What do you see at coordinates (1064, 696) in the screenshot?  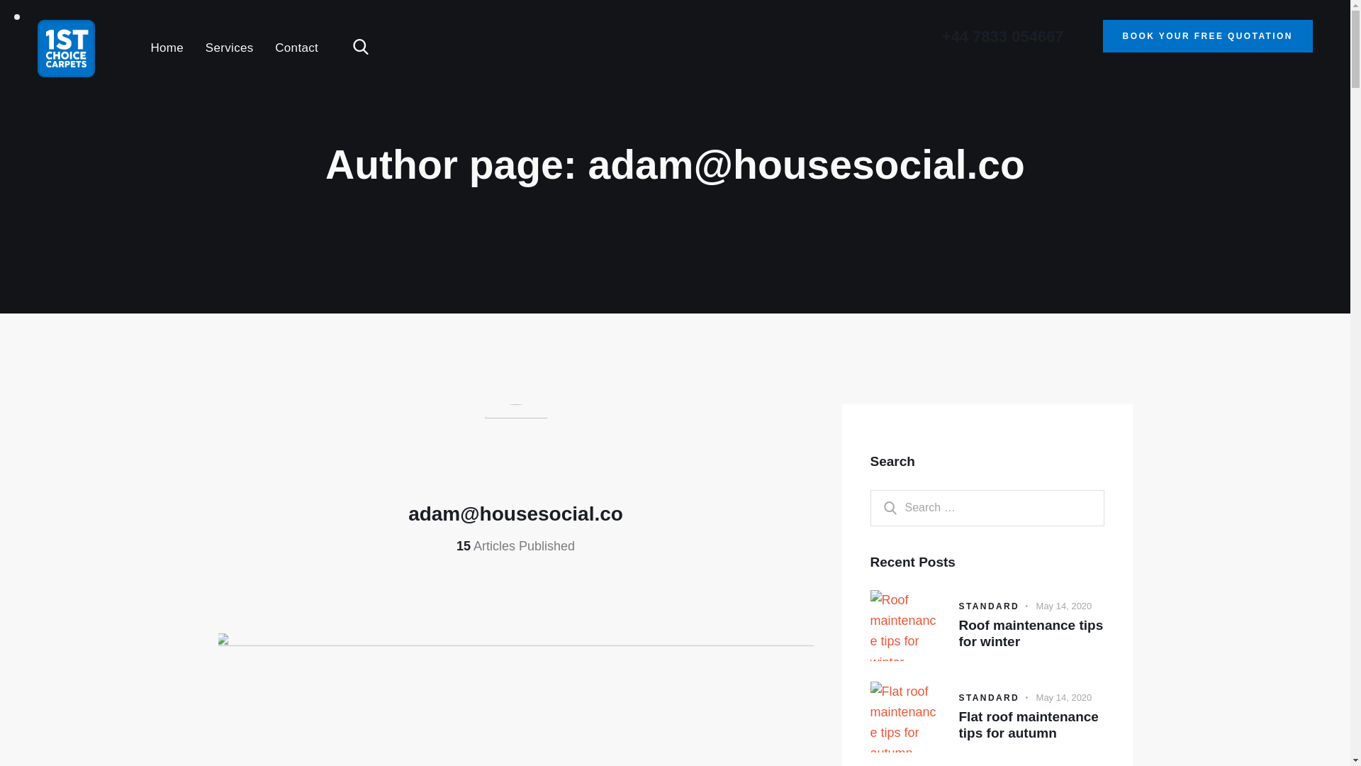 I see `'May 14, 2020'` at bounding box center [1064, 696].